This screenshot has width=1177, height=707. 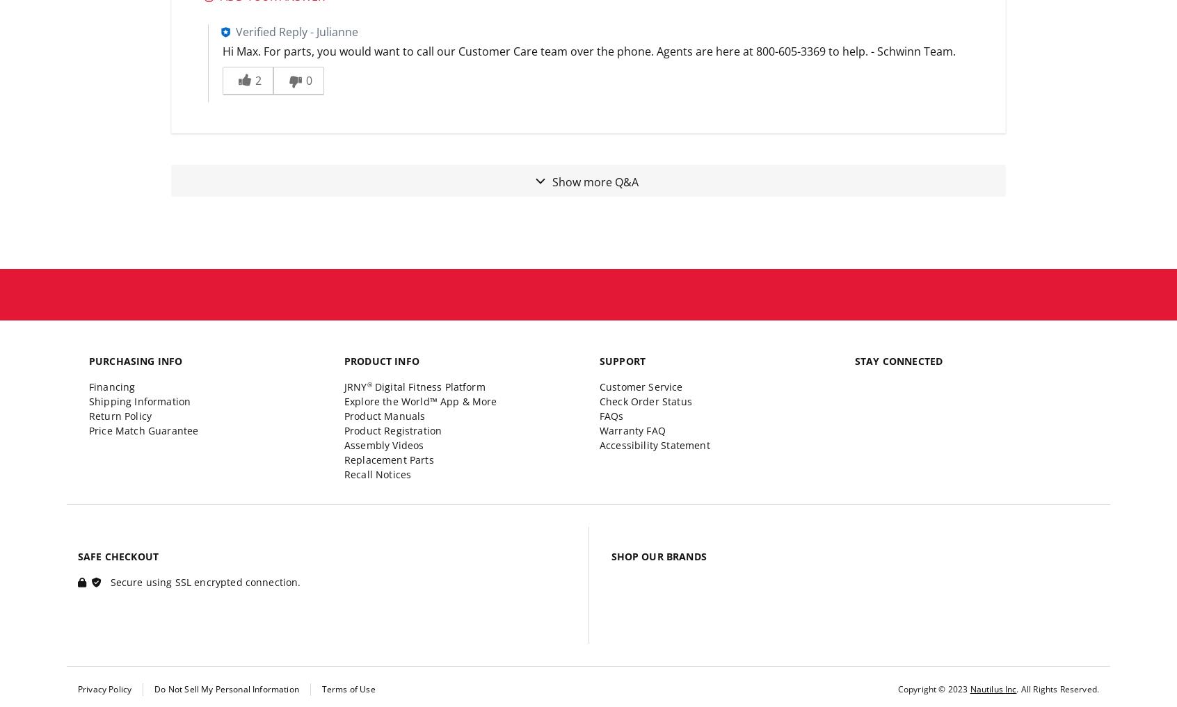 I want to click on 'Show more', so click(x=584, y=180).